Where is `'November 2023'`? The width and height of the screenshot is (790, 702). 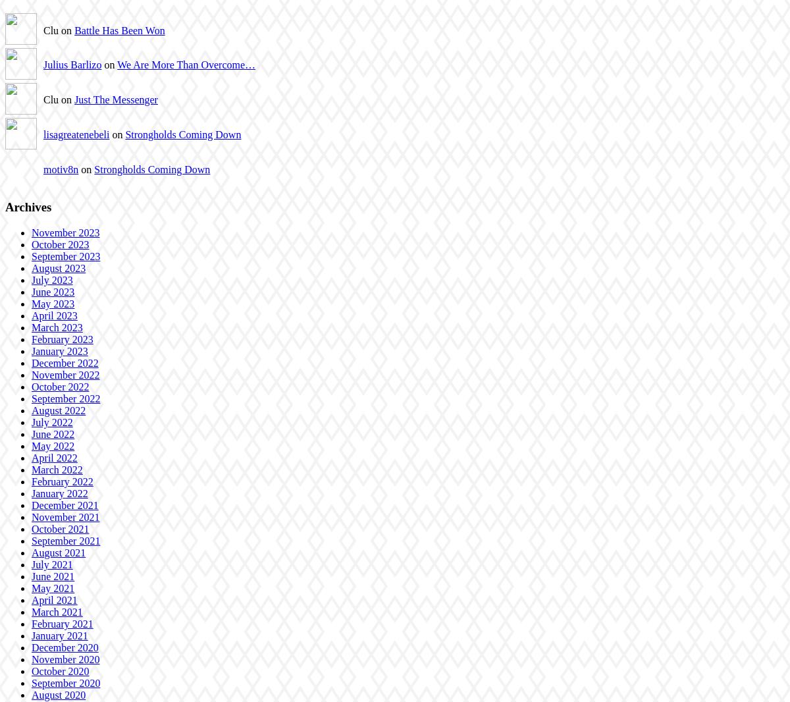 'November 2023' is located at coordinates (65, 232).